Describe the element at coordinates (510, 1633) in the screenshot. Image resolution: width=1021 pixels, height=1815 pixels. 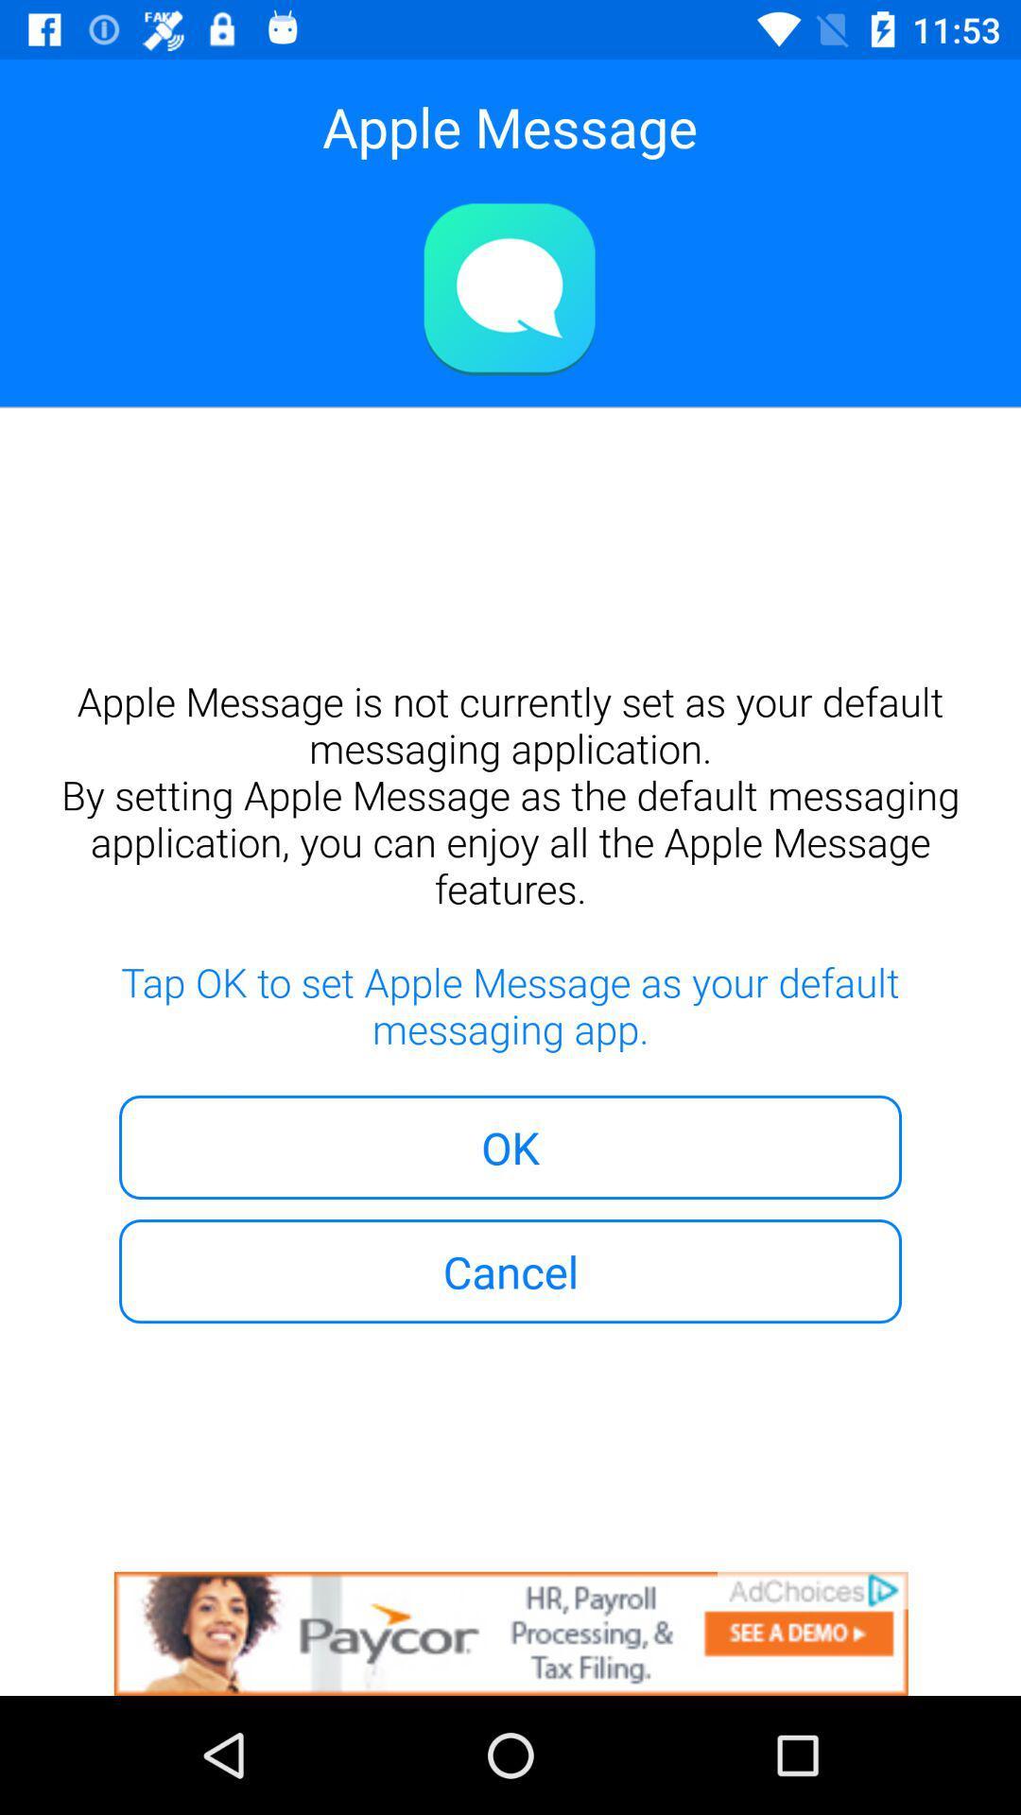
I see `advertisement` at that location.